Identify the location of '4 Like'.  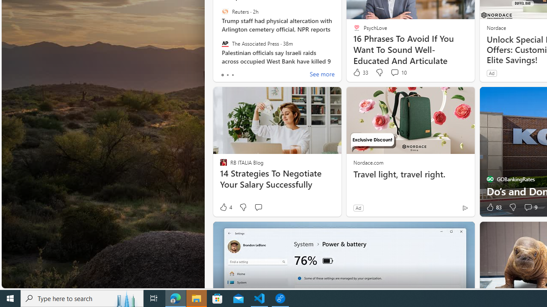
(225, 207).